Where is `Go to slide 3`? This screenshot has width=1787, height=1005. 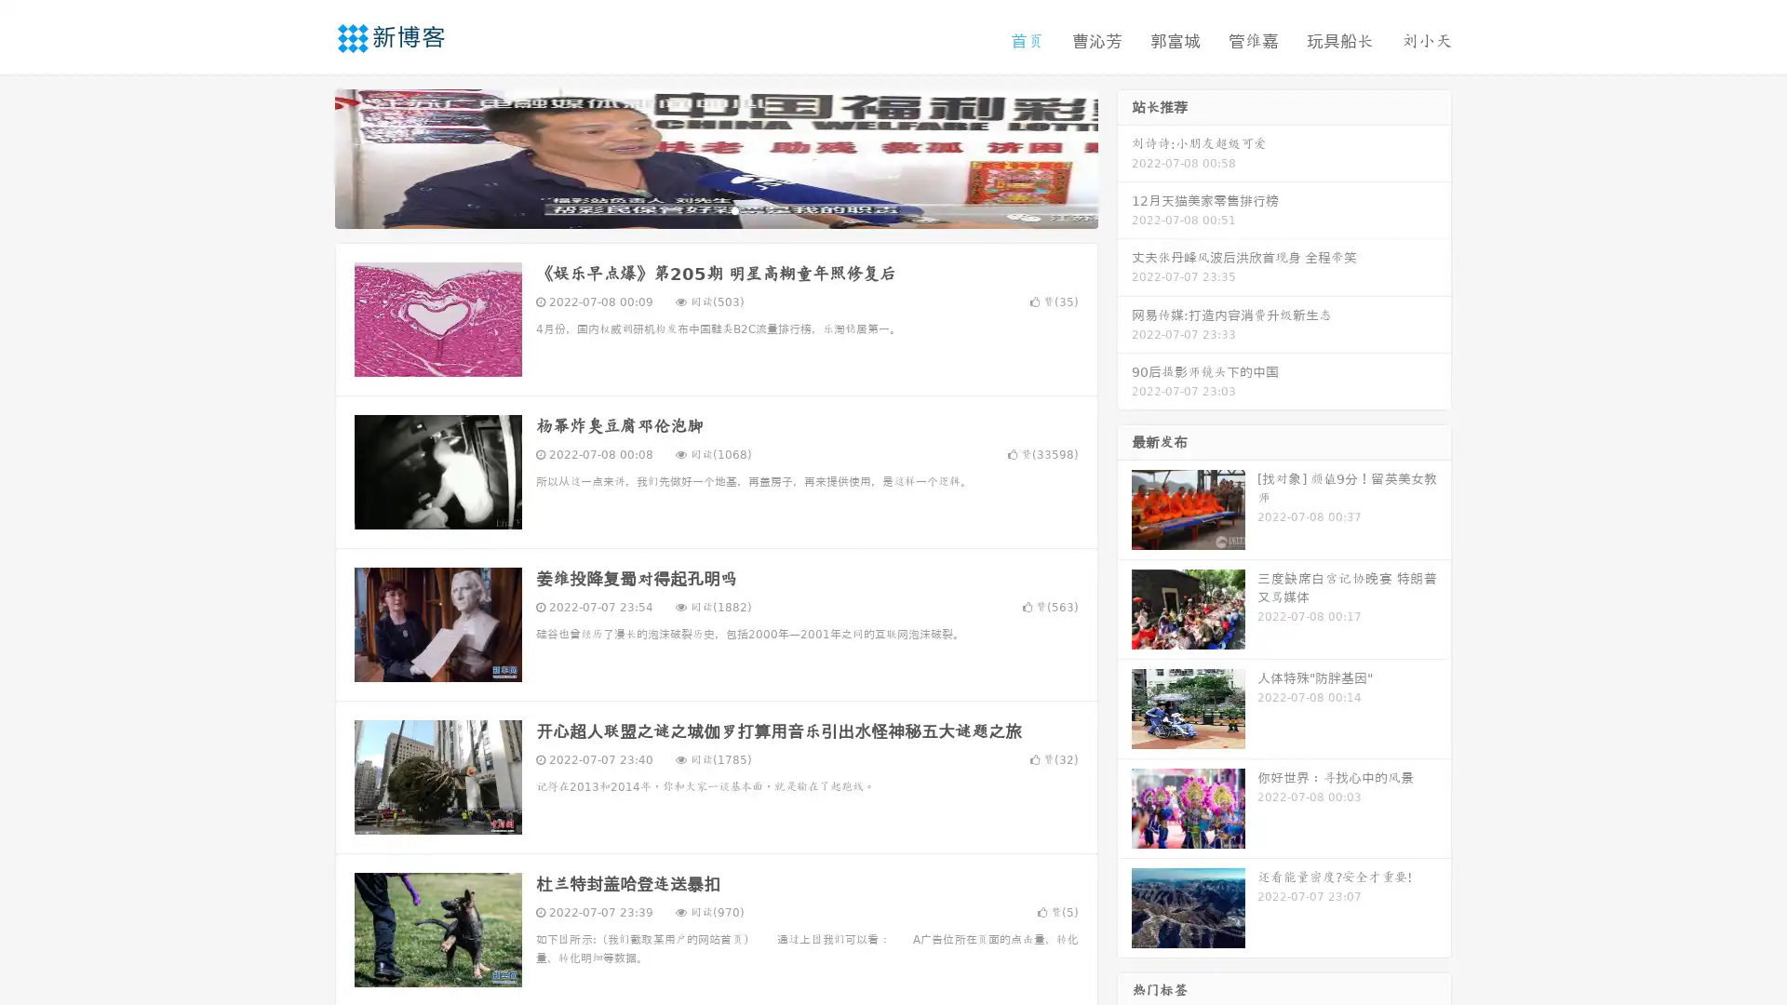
Go to slide 3 is located at coordinates (734, 209).